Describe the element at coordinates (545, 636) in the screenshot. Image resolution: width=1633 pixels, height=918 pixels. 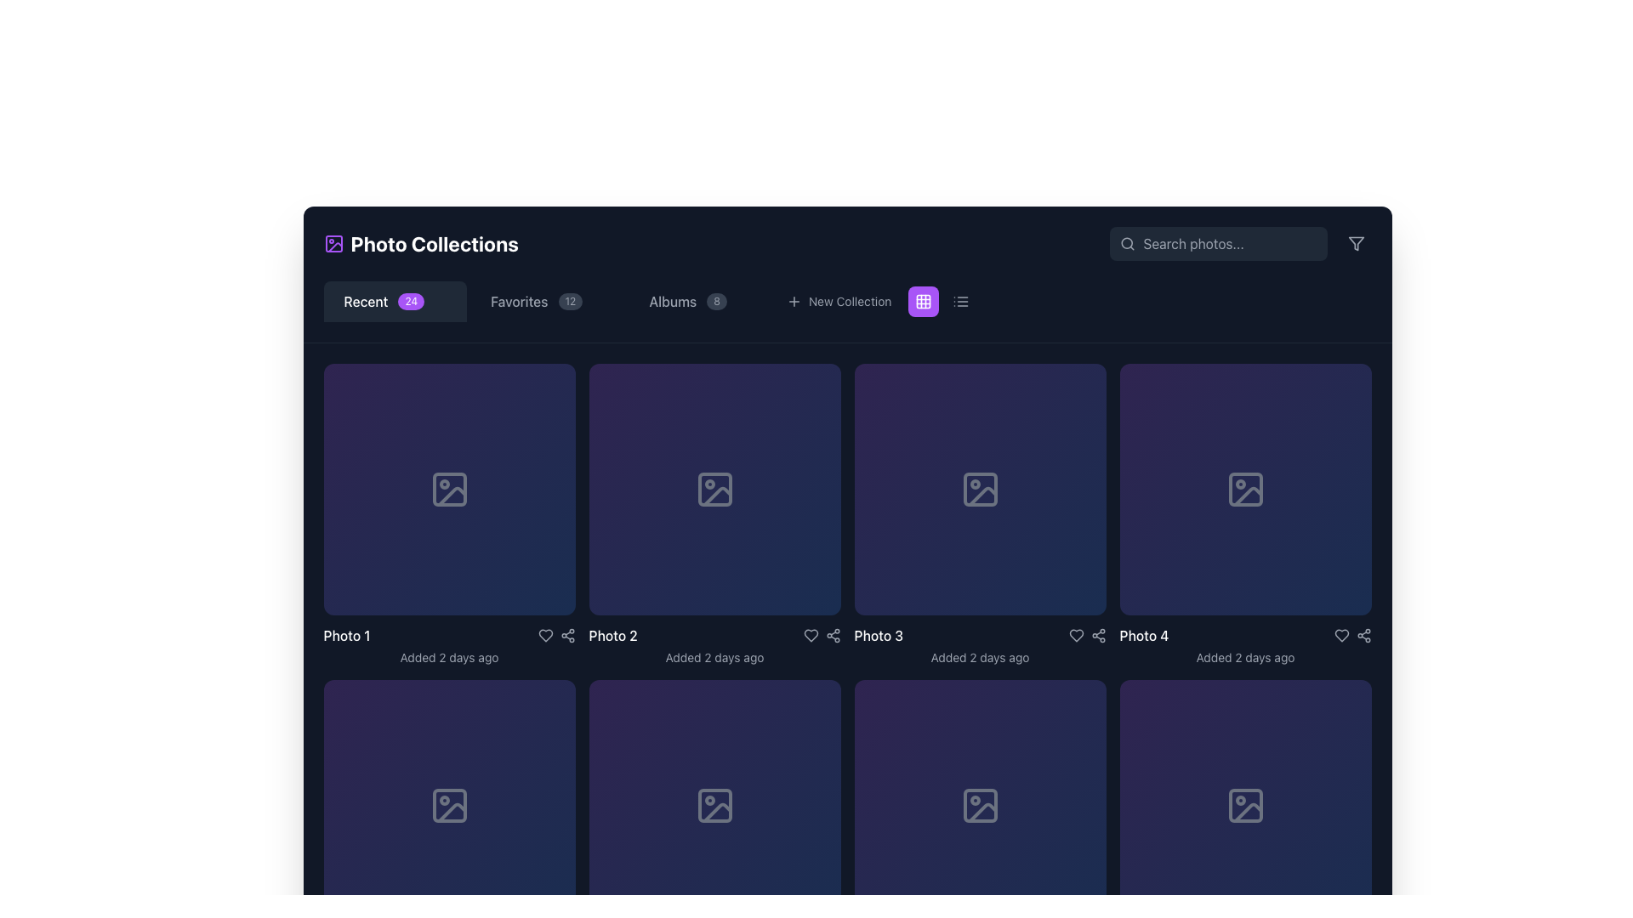
I see `the heart-shaped icon button within the 'Photo 2' card to observe the color change from gray to red` at that location.